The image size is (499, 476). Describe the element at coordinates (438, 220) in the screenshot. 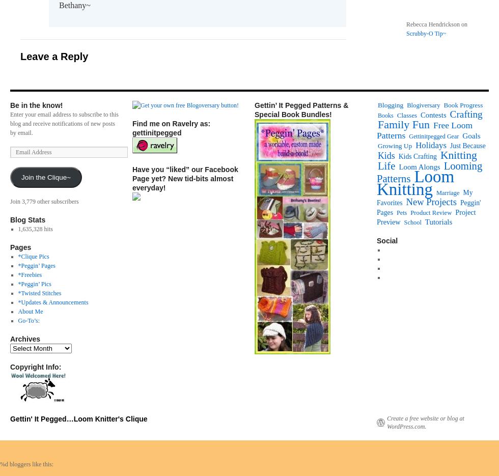

I see `'Tutorials'` at that location.